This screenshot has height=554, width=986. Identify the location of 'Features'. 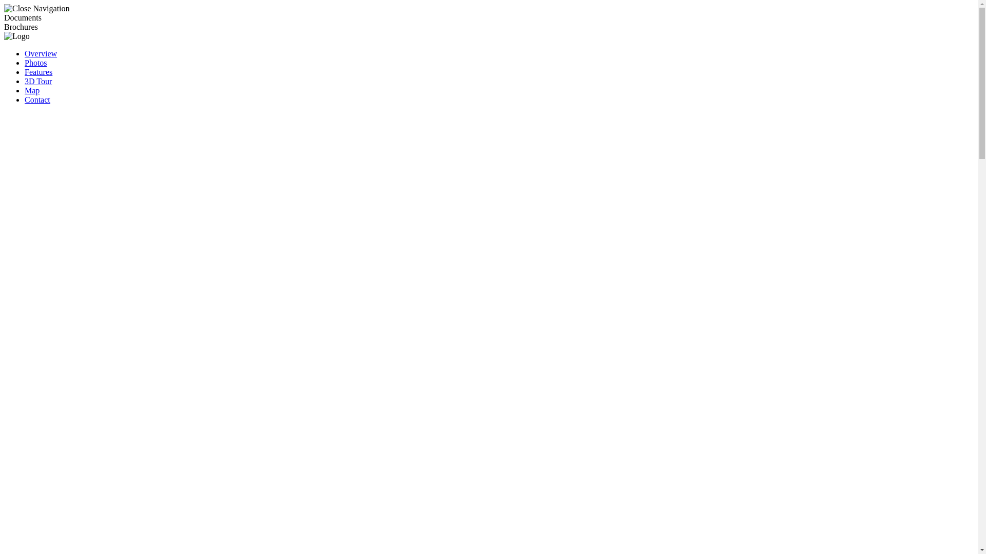
(39, 71).